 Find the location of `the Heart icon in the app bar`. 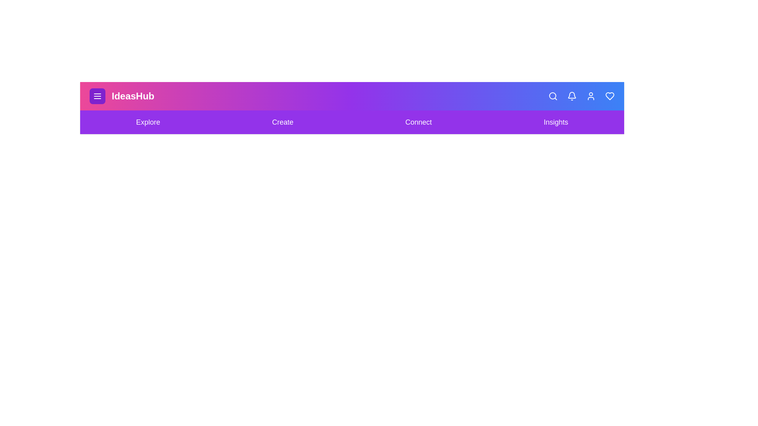

the Heart icon in the app bar is located at coordinates (610, 95).